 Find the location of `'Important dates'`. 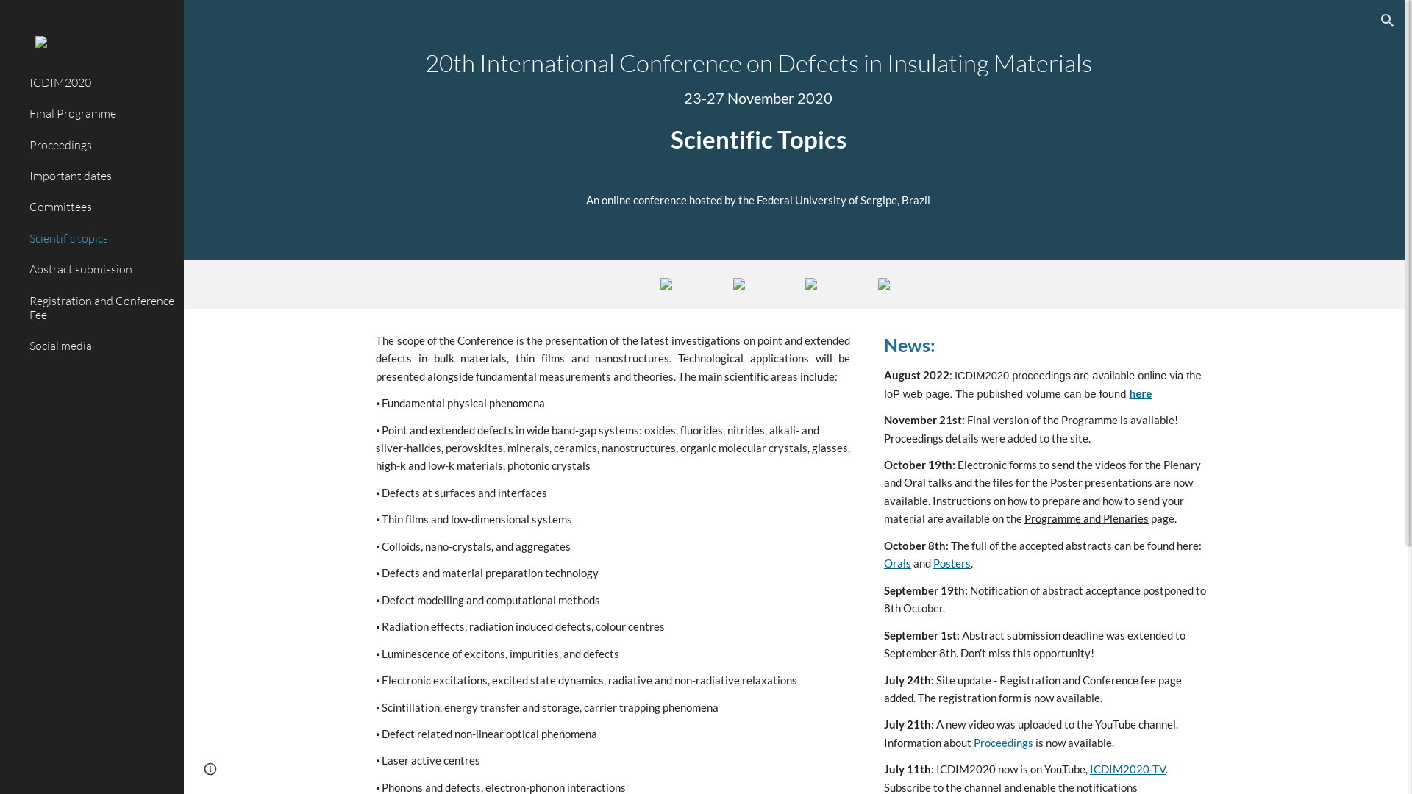

'Important dates' is located at coordinates (100, 175).